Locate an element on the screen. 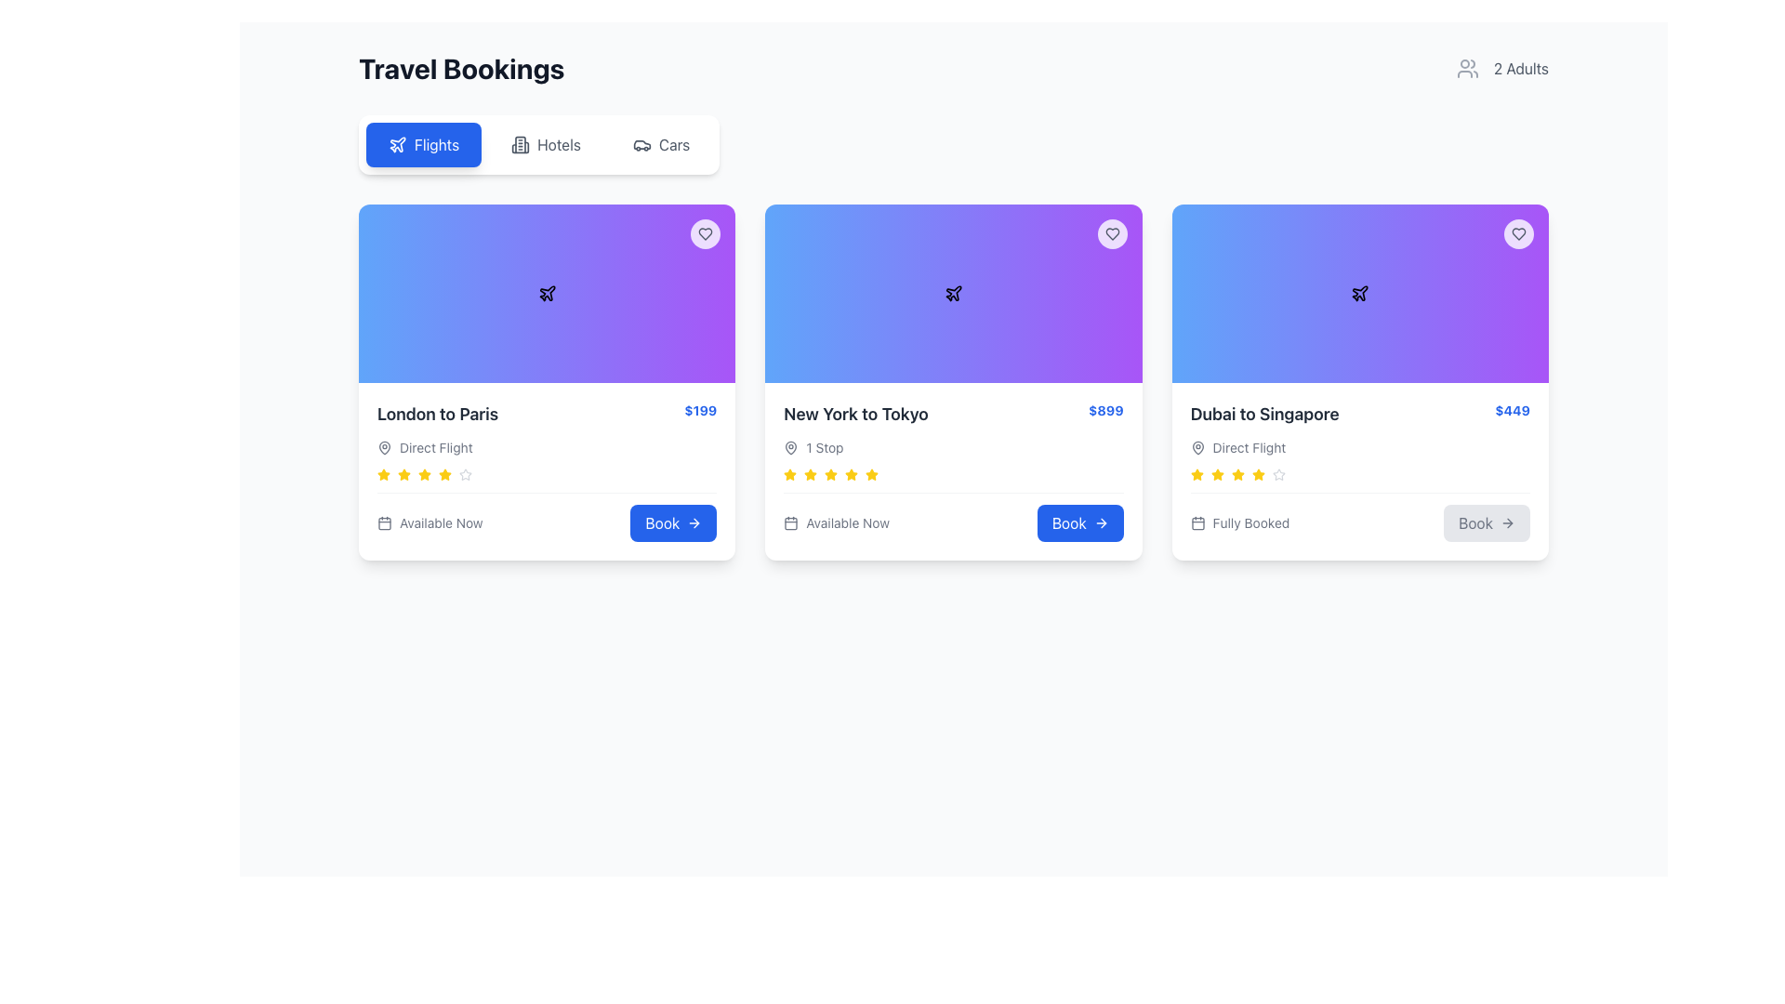  the booking status icon located to the left of the 'Fully Booked' text in the bottom section of the 'Dubai to Singapore' card is located at coordinates (1197, 523).